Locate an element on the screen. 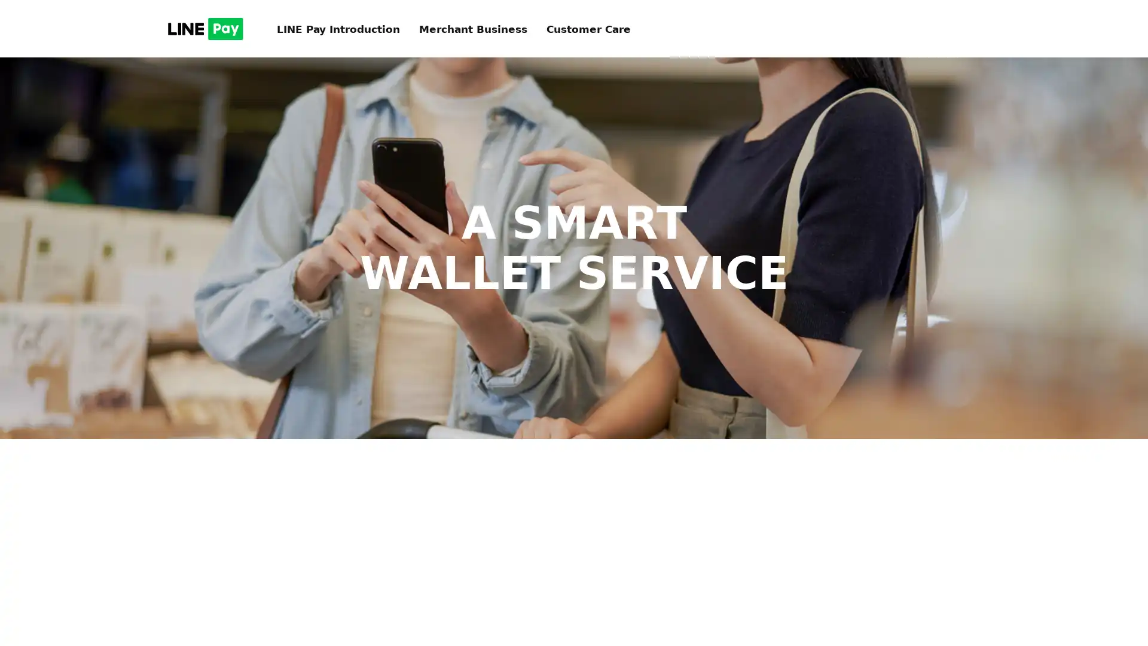 The image size is (1148, 646). TOP is located at coordinates (1109, 598).